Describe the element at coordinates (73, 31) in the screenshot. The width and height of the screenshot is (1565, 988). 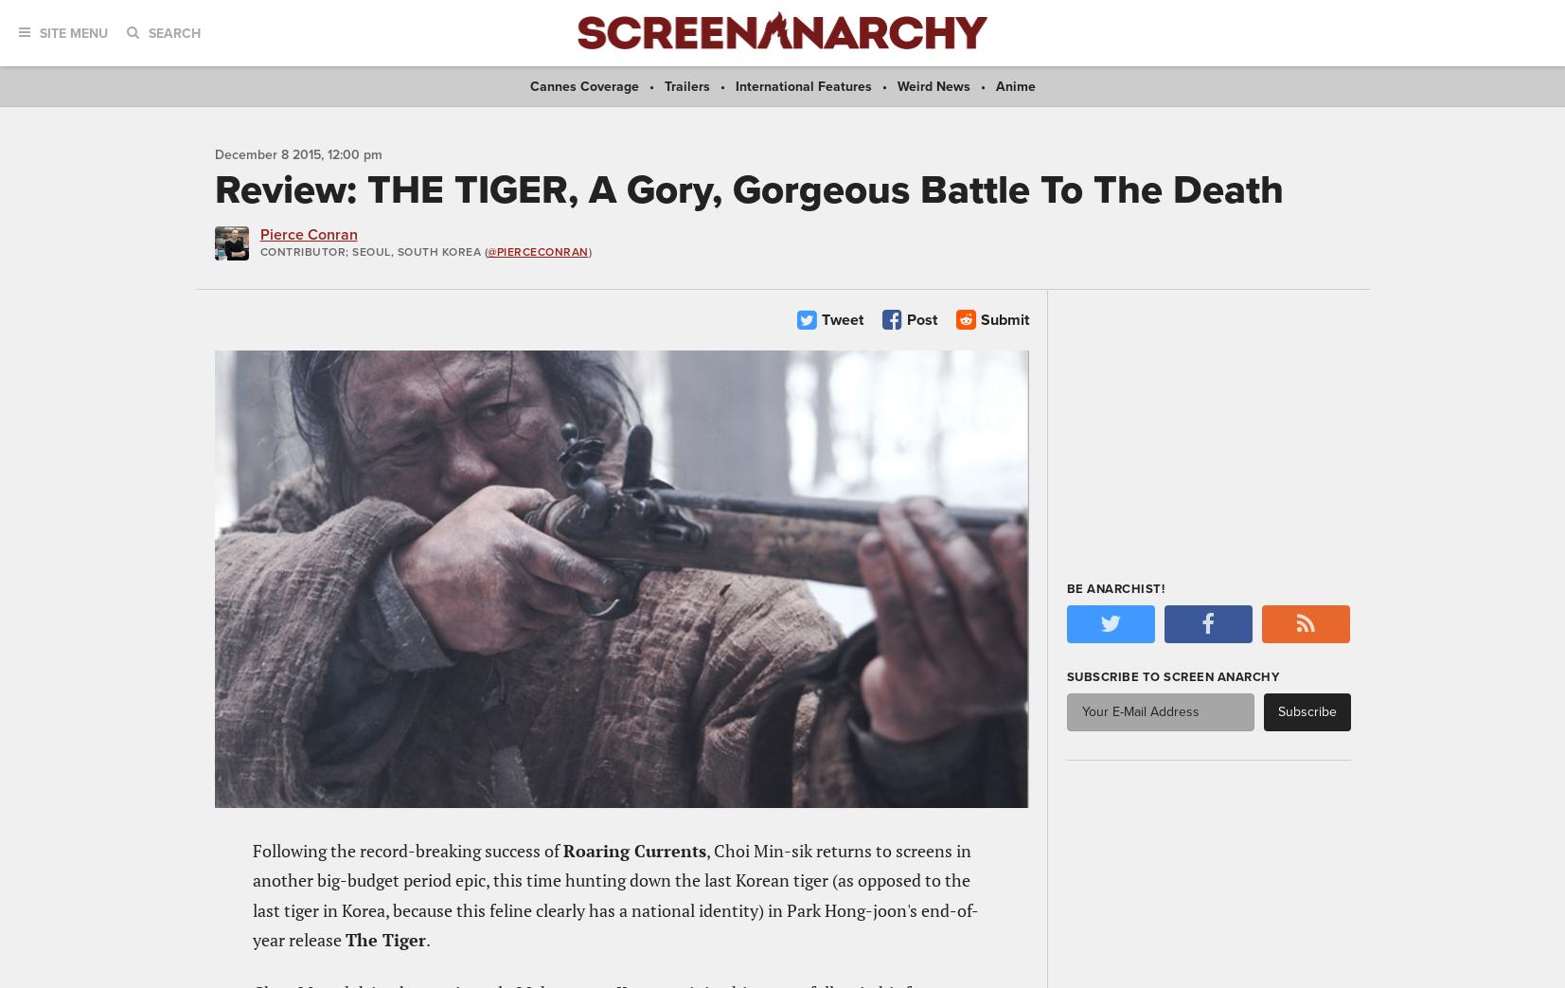
I see `'Site Menu'` at that location.